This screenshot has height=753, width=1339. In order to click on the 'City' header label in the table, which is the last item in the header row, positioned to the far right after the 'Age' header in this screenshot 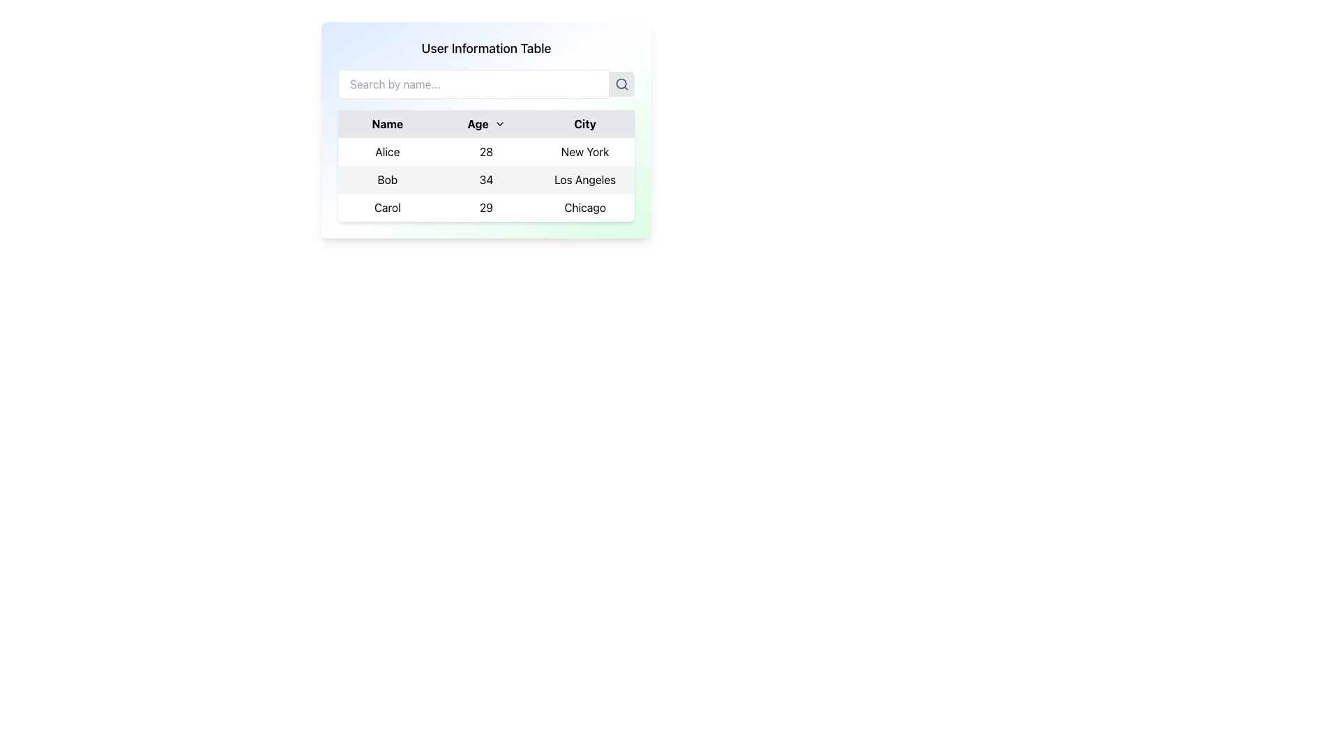, I will do `click(585, 123)`.